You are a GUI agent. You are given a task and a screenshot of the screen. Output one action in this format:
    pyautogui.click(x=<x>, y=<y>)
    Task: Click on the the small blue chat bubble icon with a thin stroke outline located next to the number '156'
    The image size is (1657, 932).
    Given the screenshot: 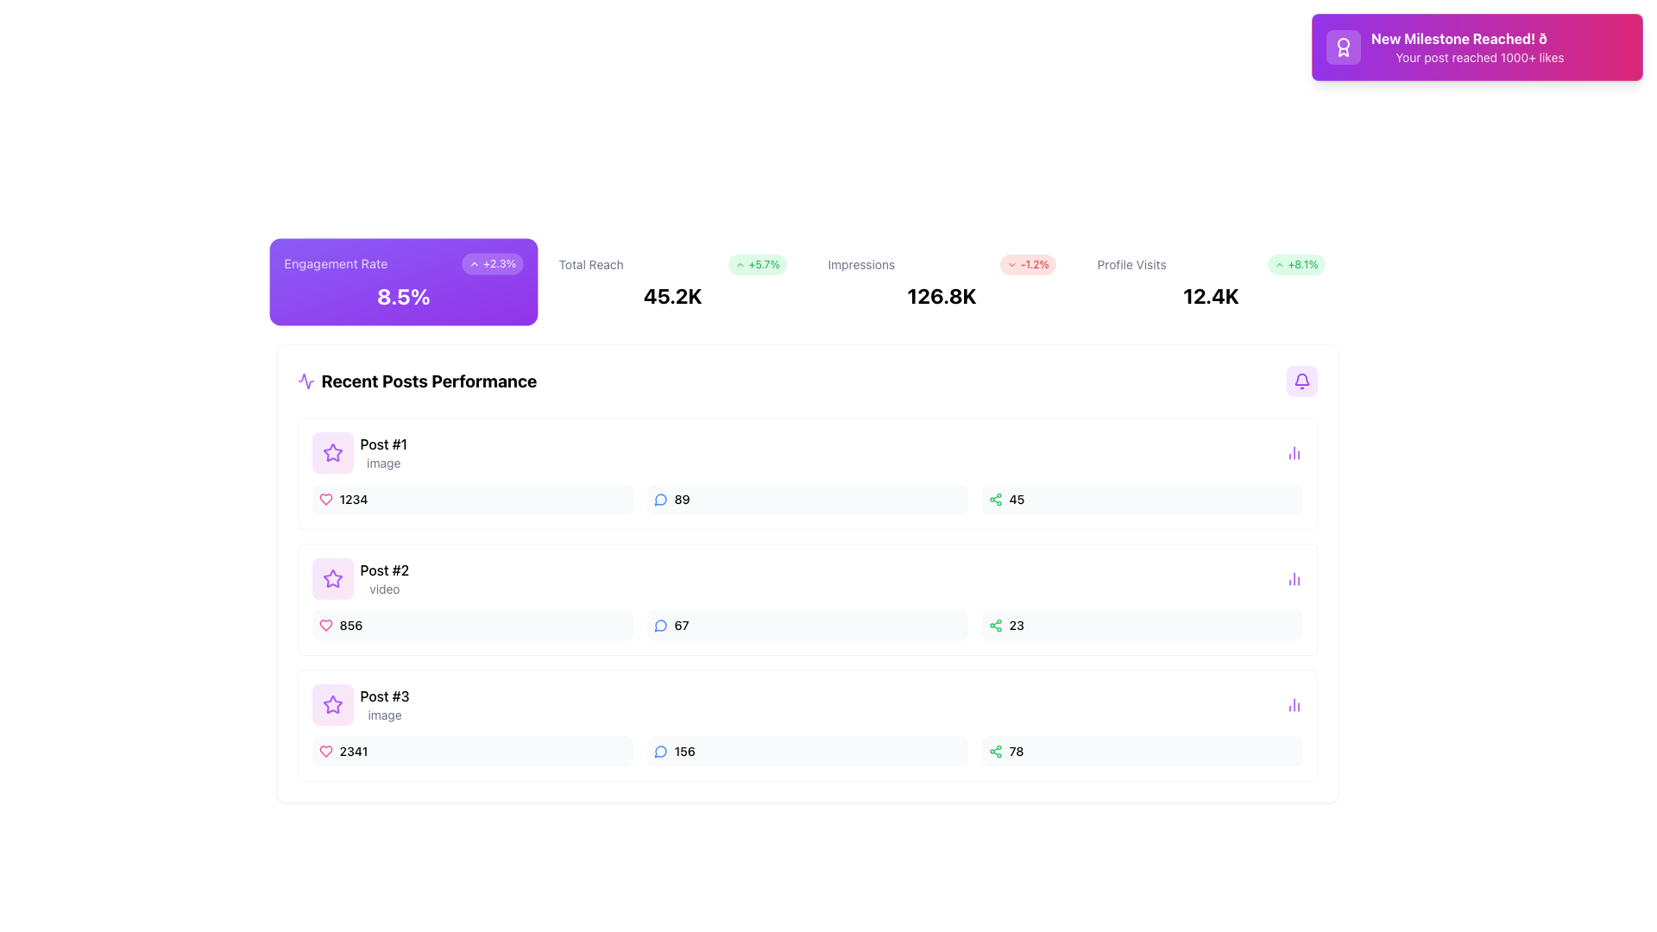 What is the action you would take?
    pyautogui.click(x=659, y=751)
    